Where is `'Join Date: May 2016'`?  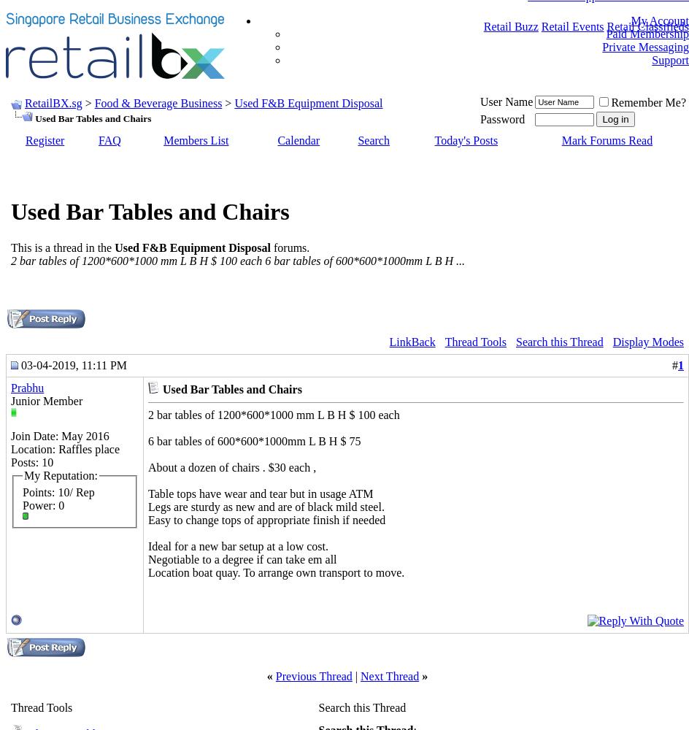
'Join Date: May 2016' is located at coordinates (59, 434).